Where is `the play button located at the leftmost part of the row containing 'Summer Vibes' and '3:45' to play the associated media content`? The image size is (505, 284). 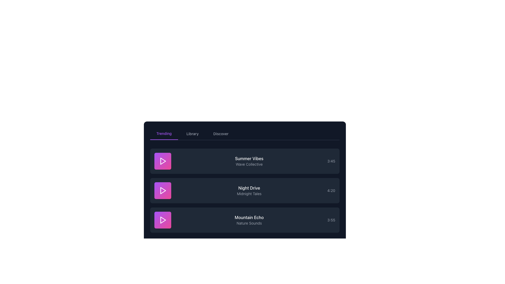
the play button located at the leftmost part of the row containing 'Summer Vibes' and '3:45' to play the associated media content is located at coordinates (162, 161).